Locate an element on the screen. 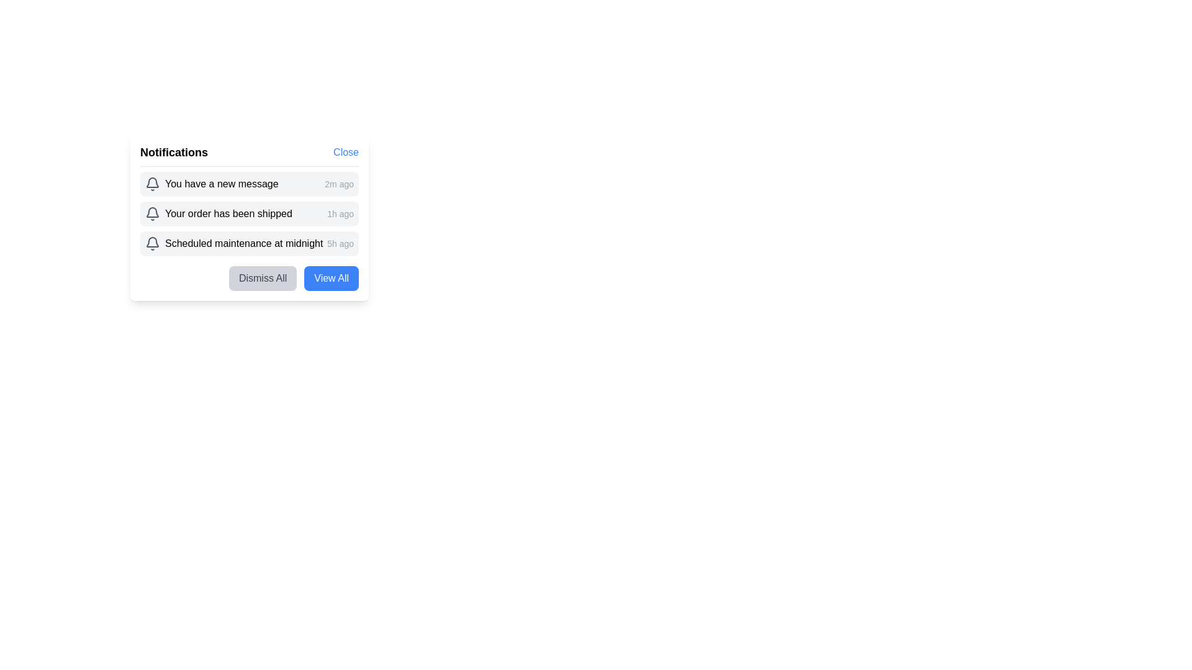  the text label that indicates the time elapsed since the 'Scheduled maintenance at midnight' notification event, located in the bottom-right corner of the third notification item in the notifications list is located at coordinates (340, 244).